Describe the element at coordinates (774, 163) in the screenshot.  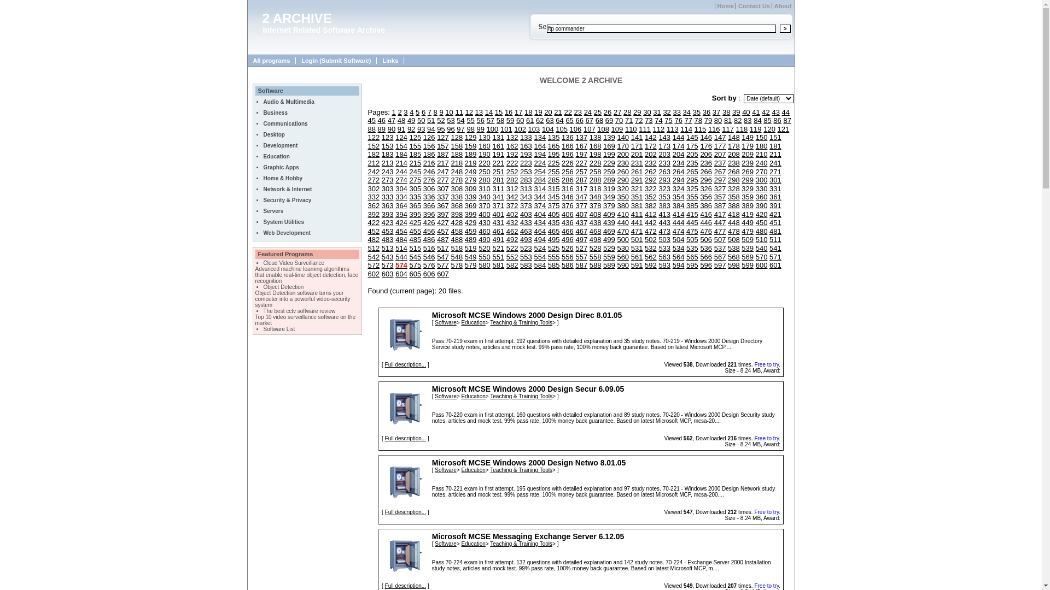
I see `'241'` at that location.